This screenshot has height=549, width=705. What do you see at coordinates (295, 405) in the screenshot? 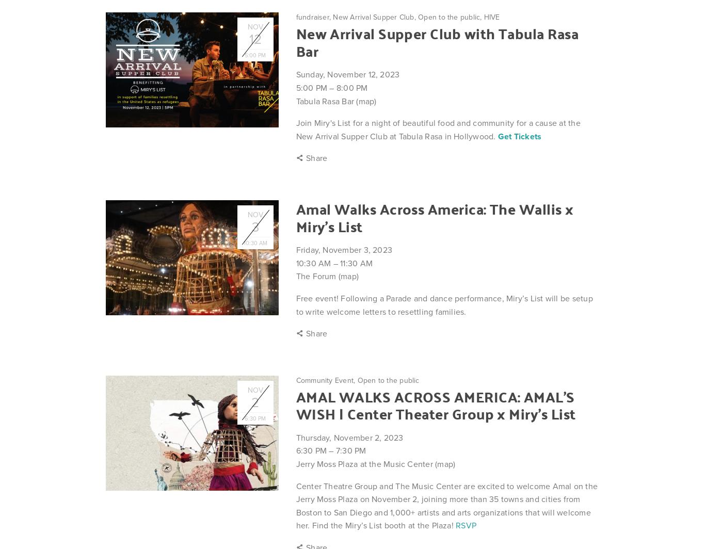
I see `'AMAL WALKS ACROSS AMERICA: AMAL’S WISH | Center Theater Group x Miry's List'` at bounding box center [295, 405].